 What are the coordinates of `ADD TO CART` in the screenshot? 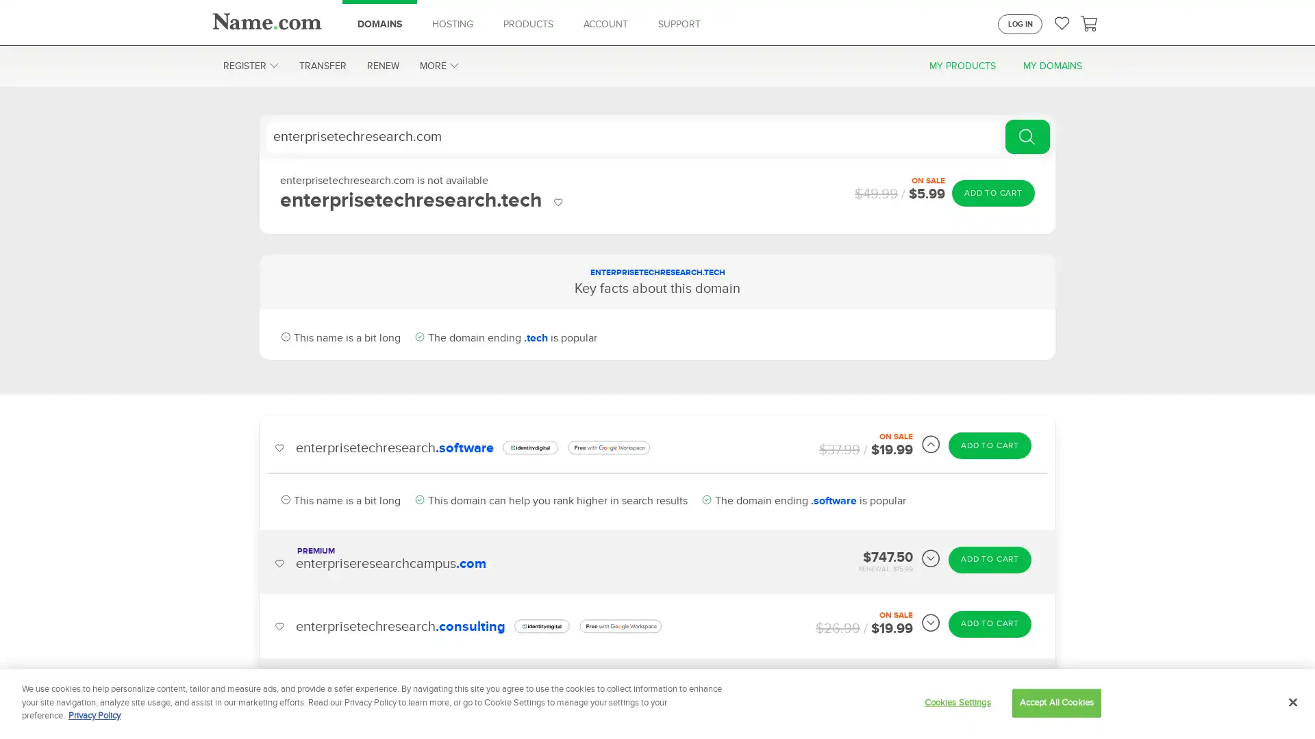 It's located at (990, 573).